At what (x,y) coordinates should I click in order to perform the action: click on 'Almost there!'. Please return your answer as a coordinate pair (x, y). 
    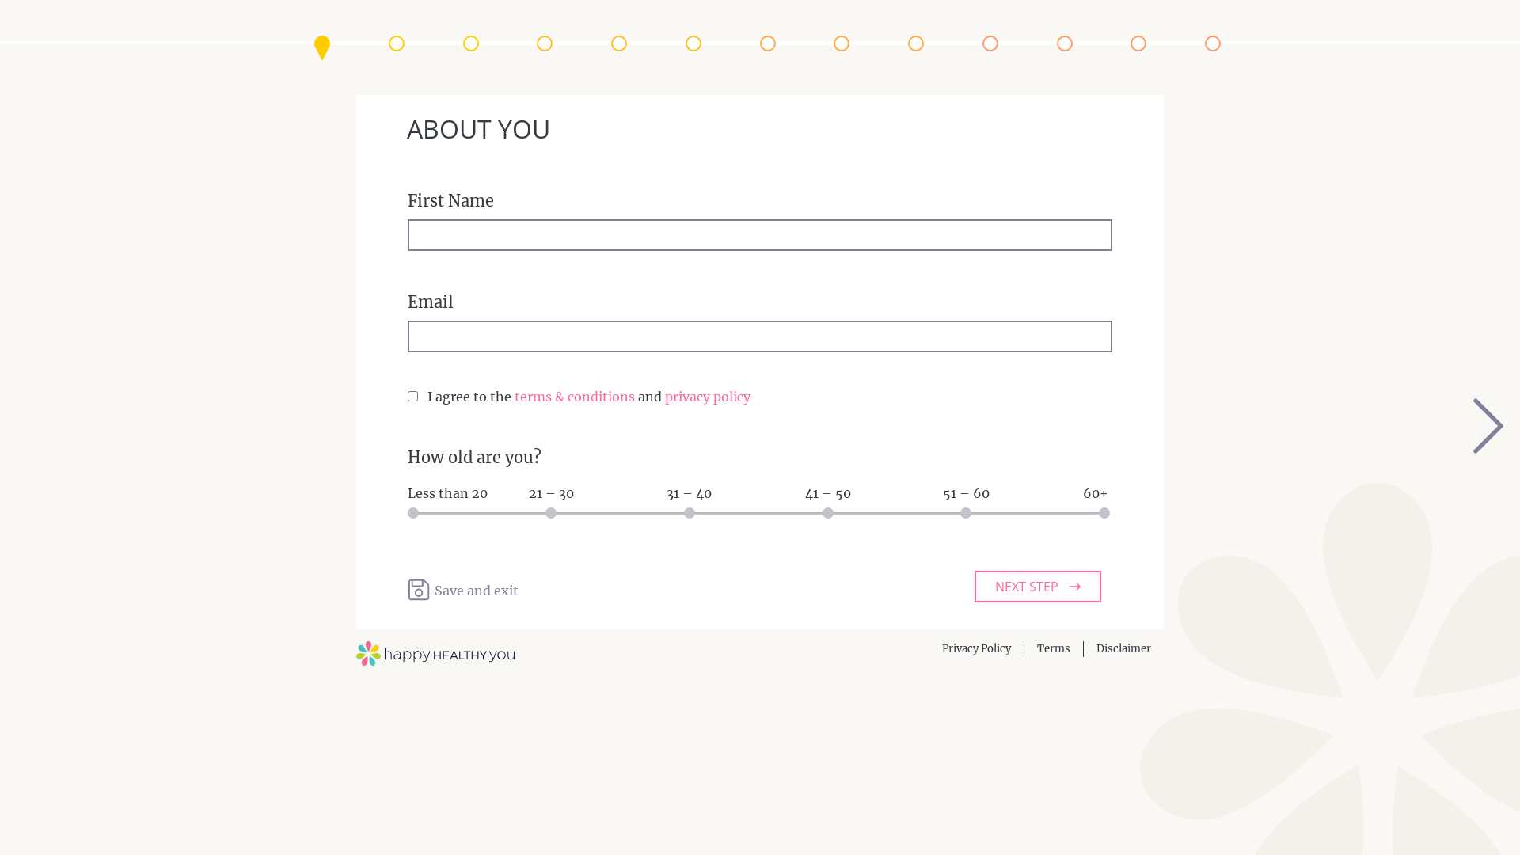
    Looking at the image, I should click on (1130, 42).